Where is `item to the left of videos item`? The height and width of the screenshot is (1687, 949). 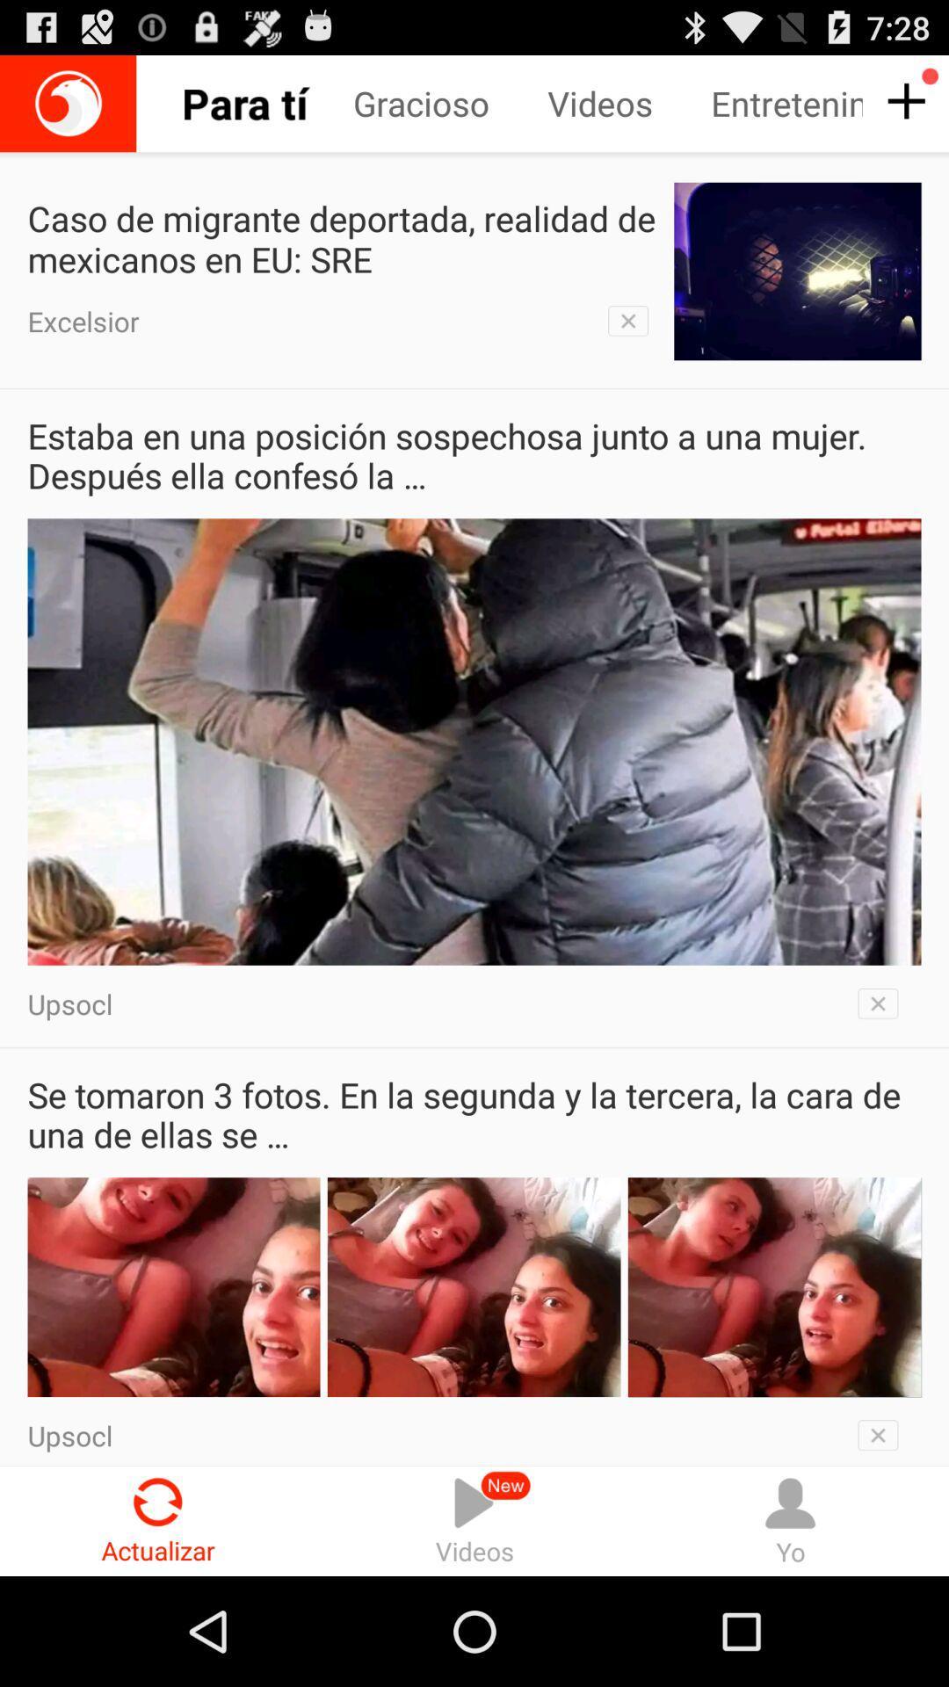
item to the left of videos item is located at coordinates (158, 1520).